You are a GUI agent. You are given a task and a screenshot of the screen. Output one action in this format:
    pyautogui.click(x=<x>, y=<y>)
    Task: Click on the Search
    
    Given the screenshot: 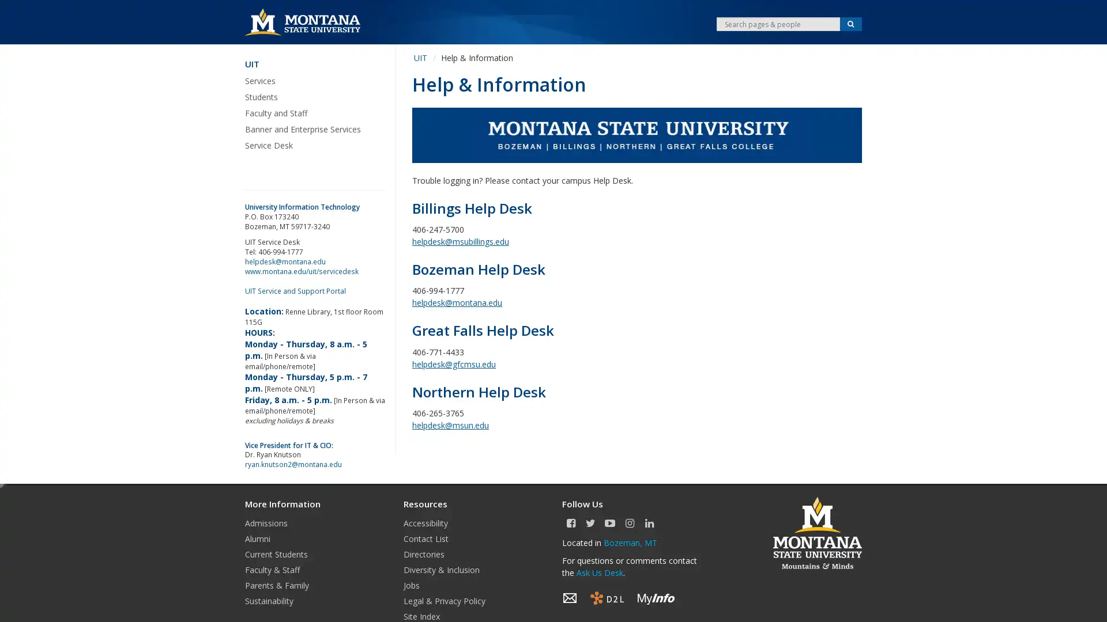 What is the action you would take?
    pyautogui.click(x=850, y=24)
    